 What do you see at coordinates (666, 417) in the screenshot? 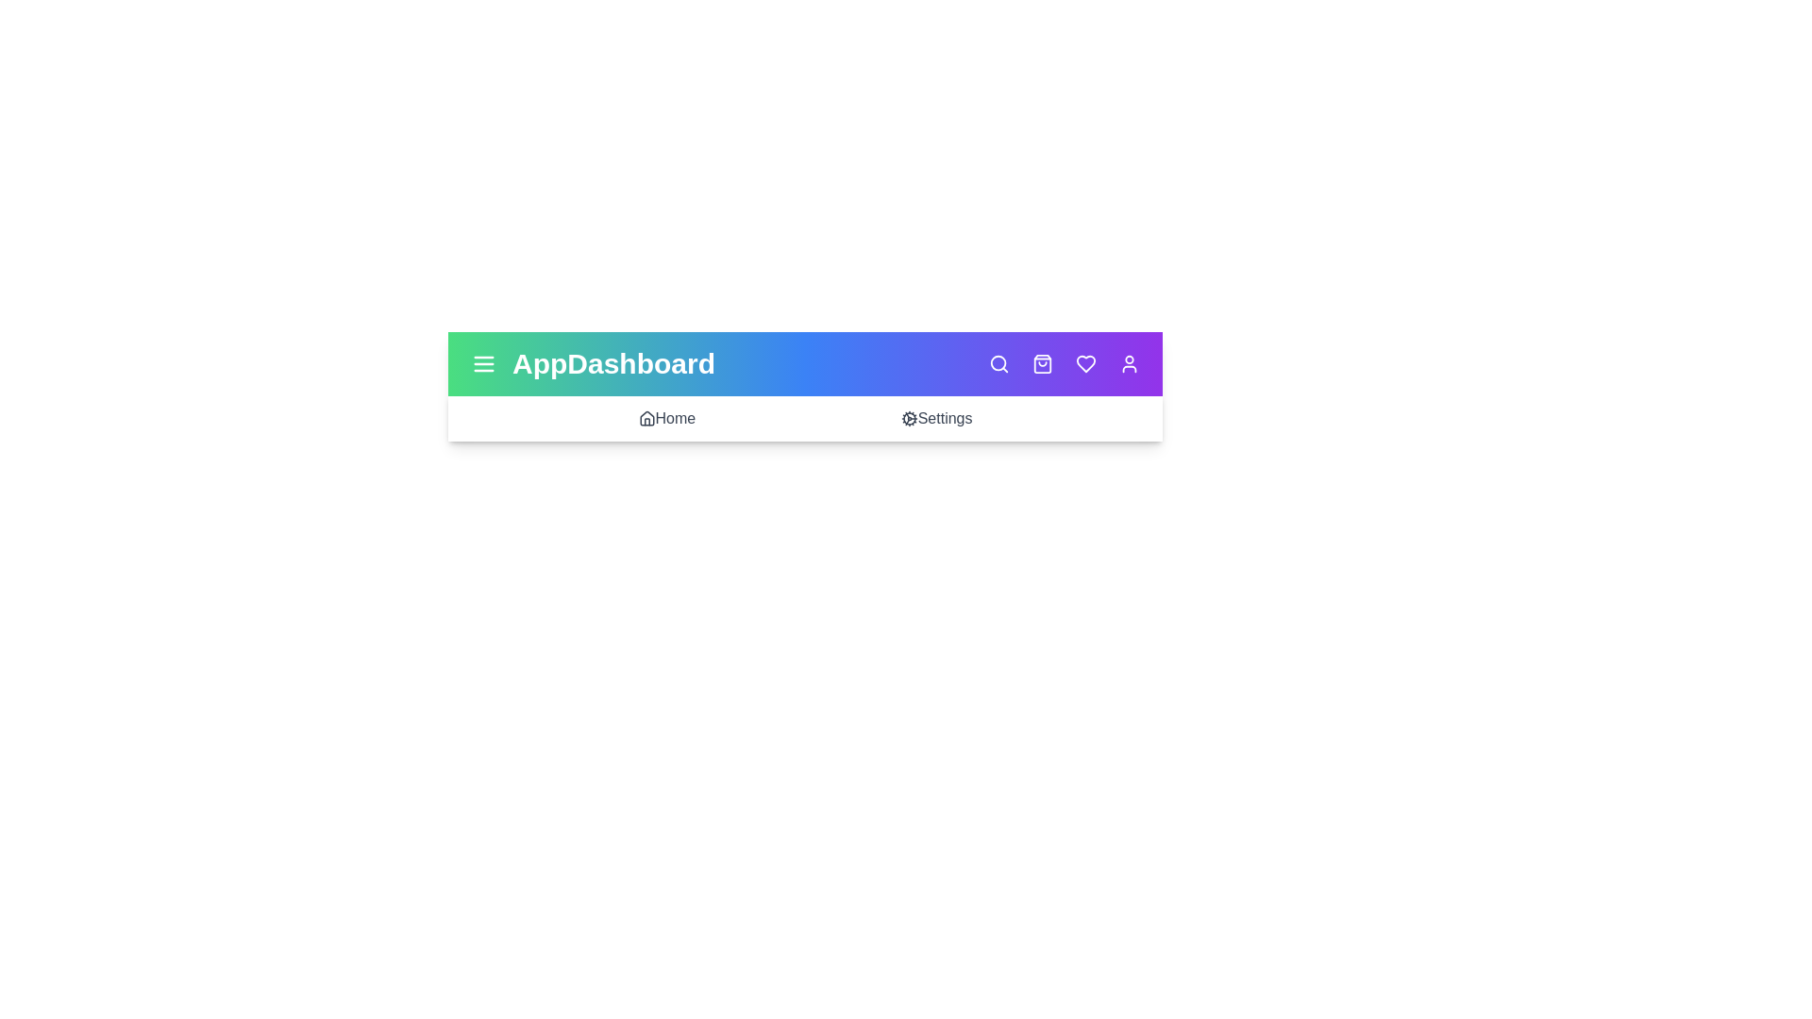
I see `the Home item in the navigation menu to navigate to the Home section` at bounding box center [666, 417].